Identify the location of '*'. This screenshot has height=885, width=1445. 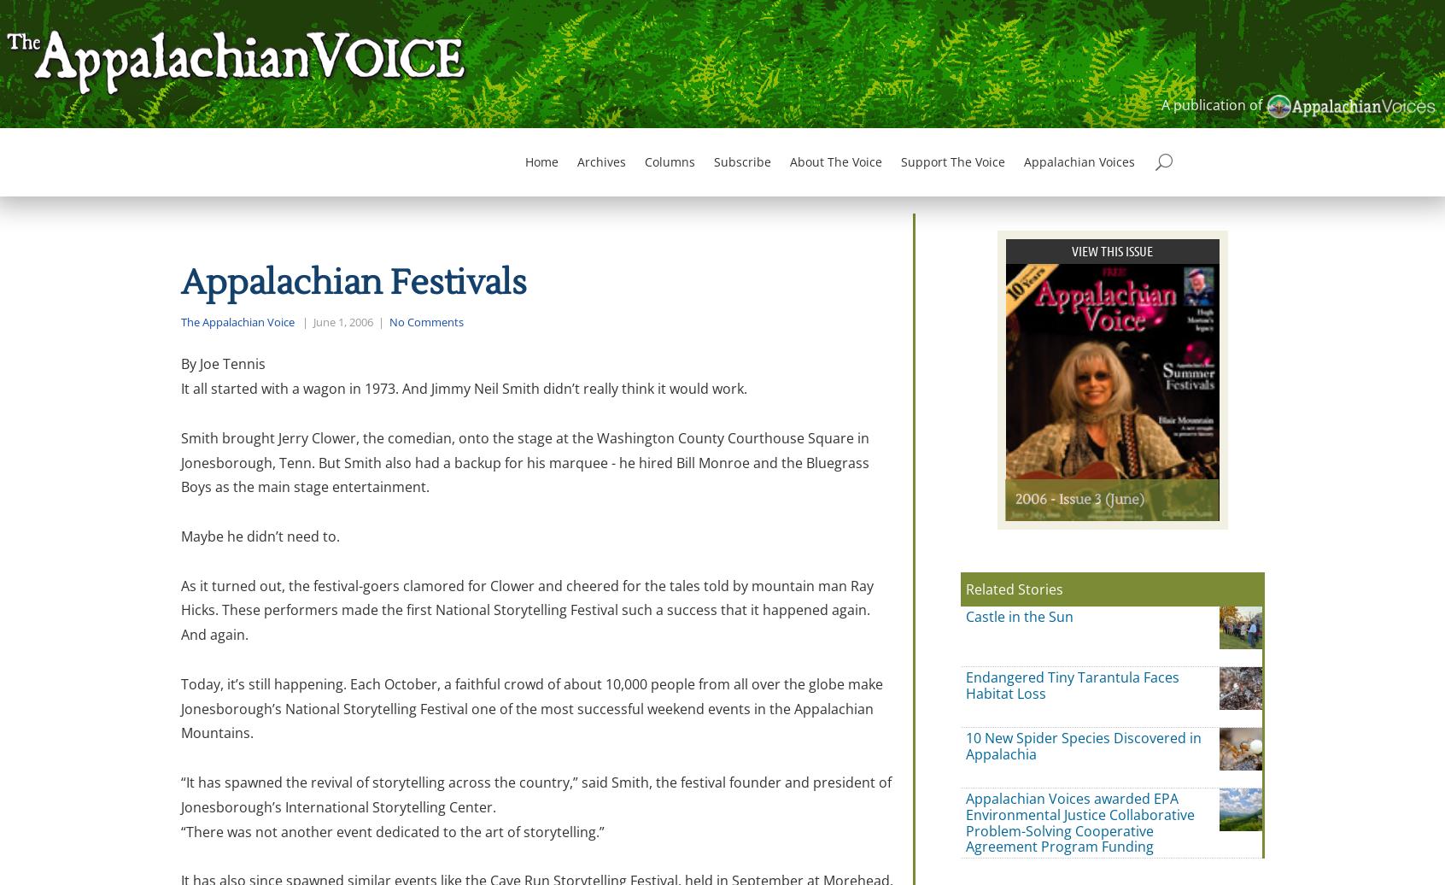
(665, 721).